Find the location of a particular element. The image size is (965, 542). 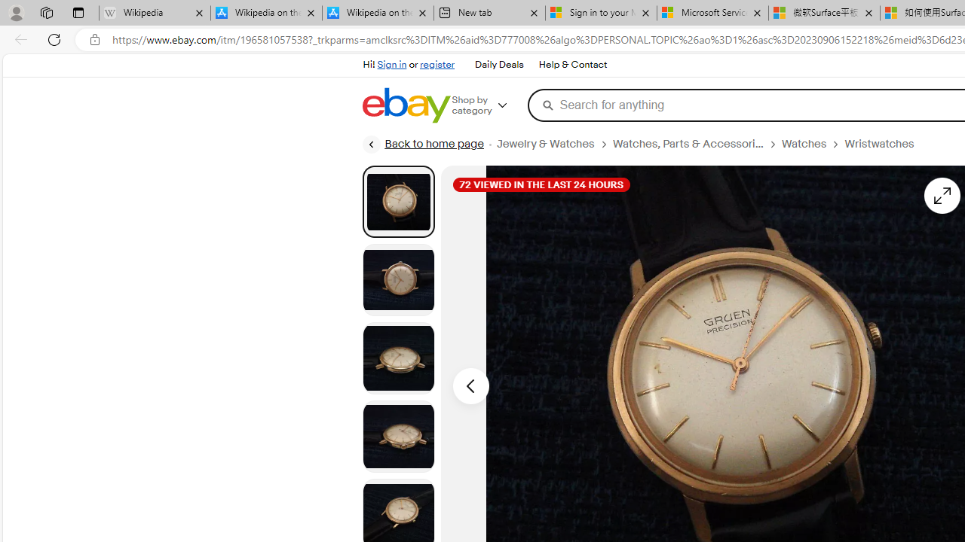

'Jewelry & Watches' is located at coordinates (544, 144).